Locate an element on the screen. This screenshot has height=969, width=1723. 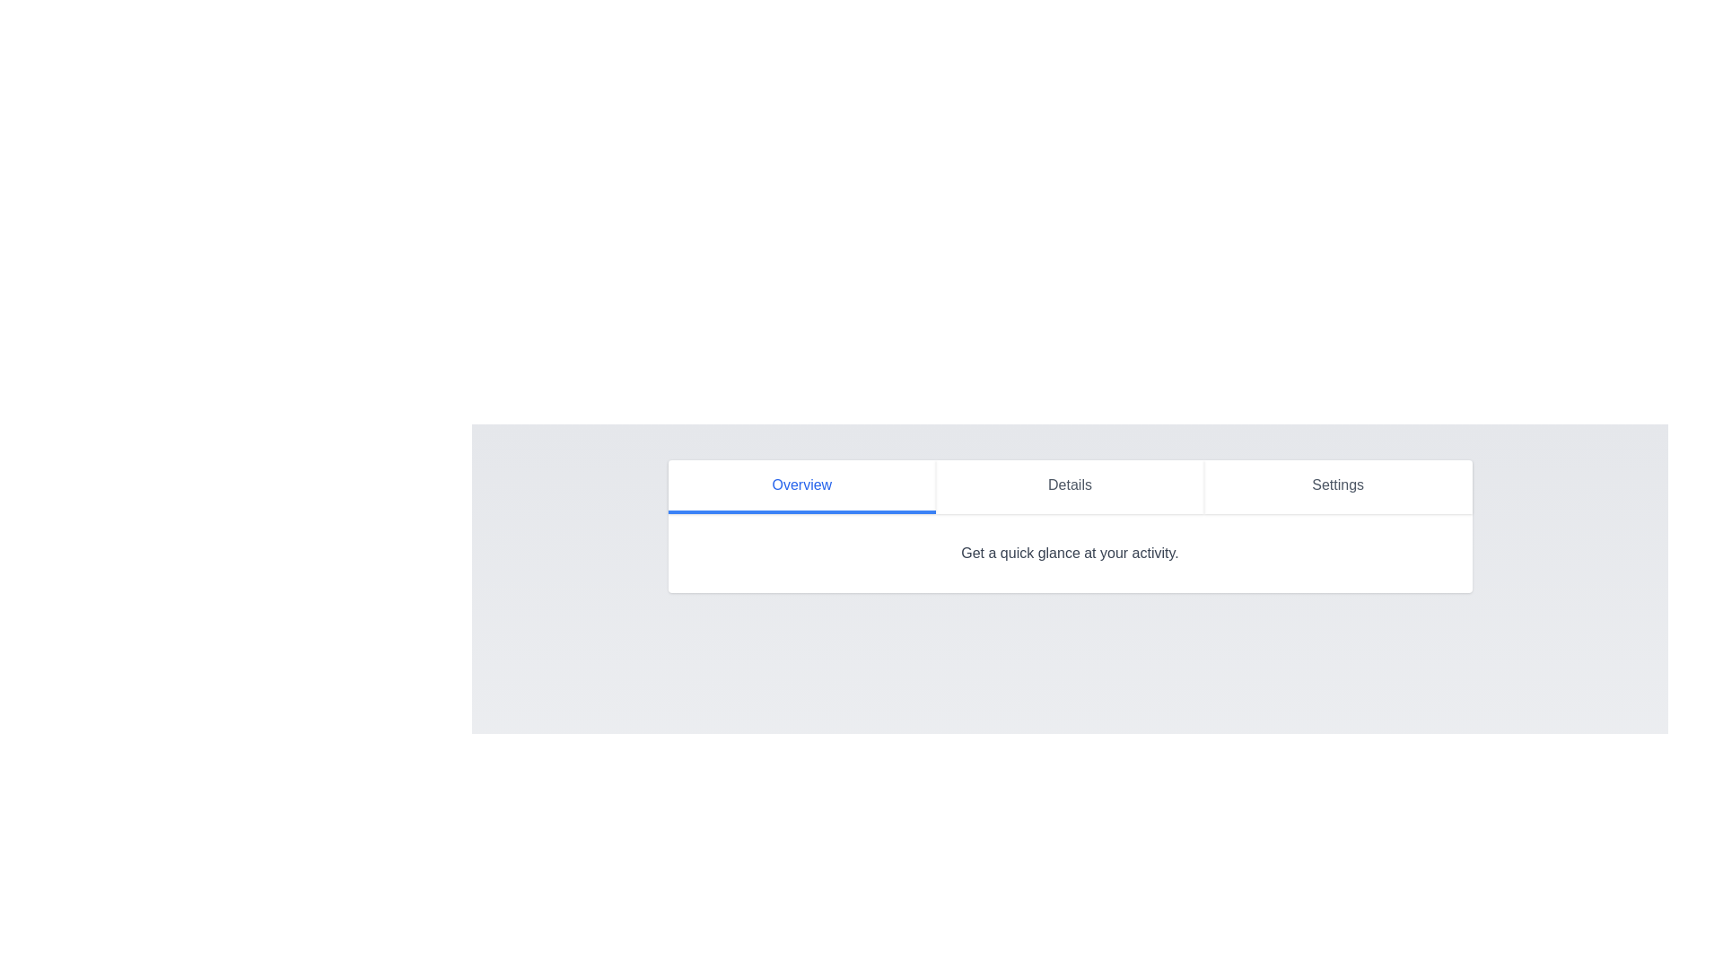
the Settings tab by clicking on its button is located at coordinates (1338, 487).